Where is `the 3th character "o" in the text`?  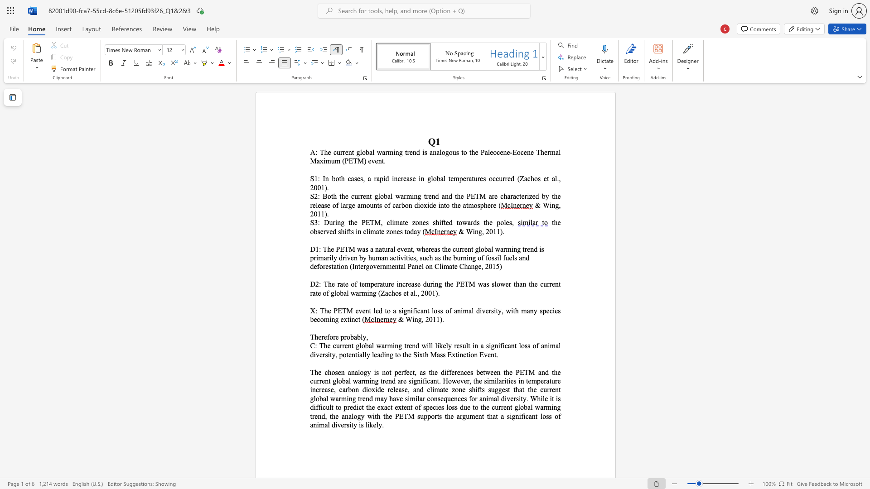 the 3th character "o" in the text is located at coordinates (447, 310).